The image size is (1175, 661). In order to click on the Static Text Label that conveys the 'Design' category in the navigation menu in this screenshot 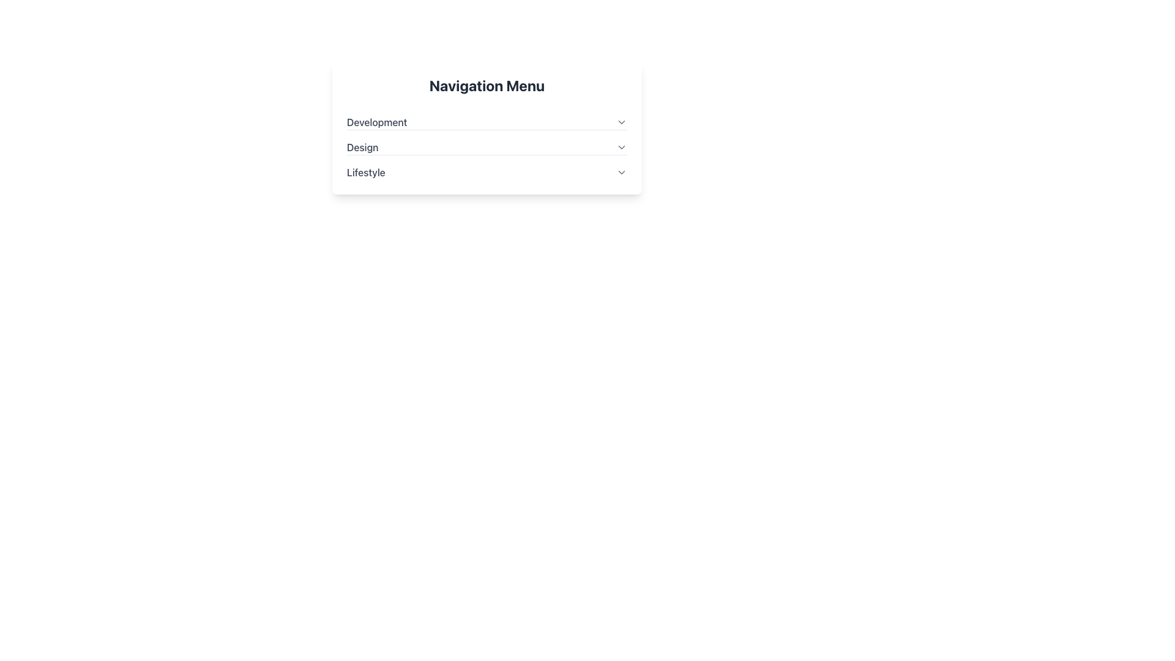, I will do `click(362, 146)`.